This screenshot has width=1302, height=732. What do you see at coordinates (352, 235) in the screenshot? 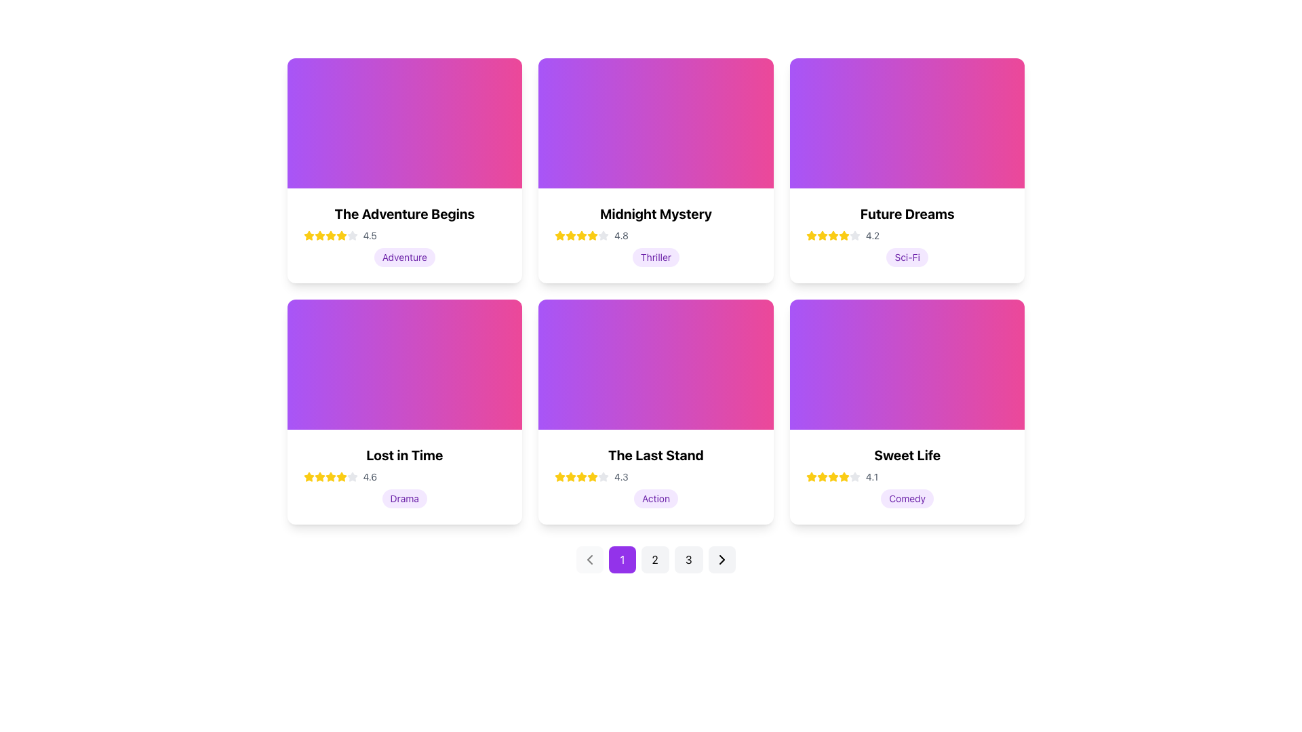
I see `the last star icon in the rating system below the text 'The Adventure Begins' and above the label 'Adventure'` at bounding box center [352, 235].